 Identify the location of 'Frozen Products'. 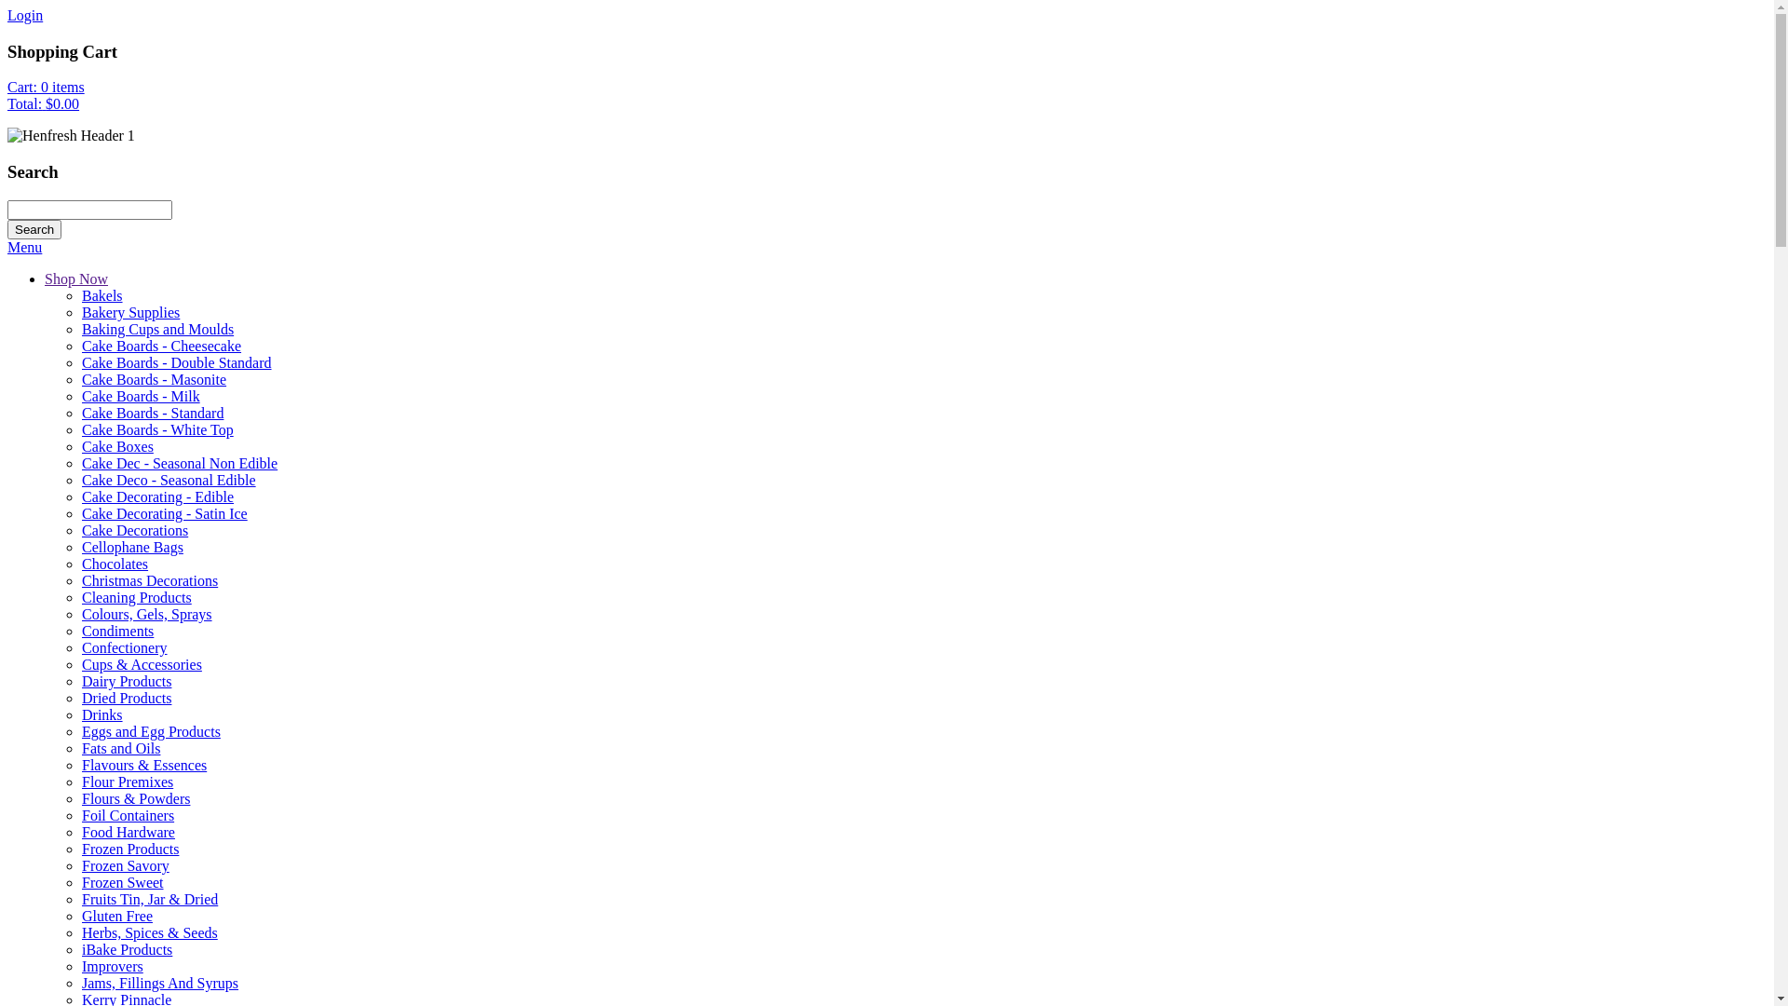
(129, 849).